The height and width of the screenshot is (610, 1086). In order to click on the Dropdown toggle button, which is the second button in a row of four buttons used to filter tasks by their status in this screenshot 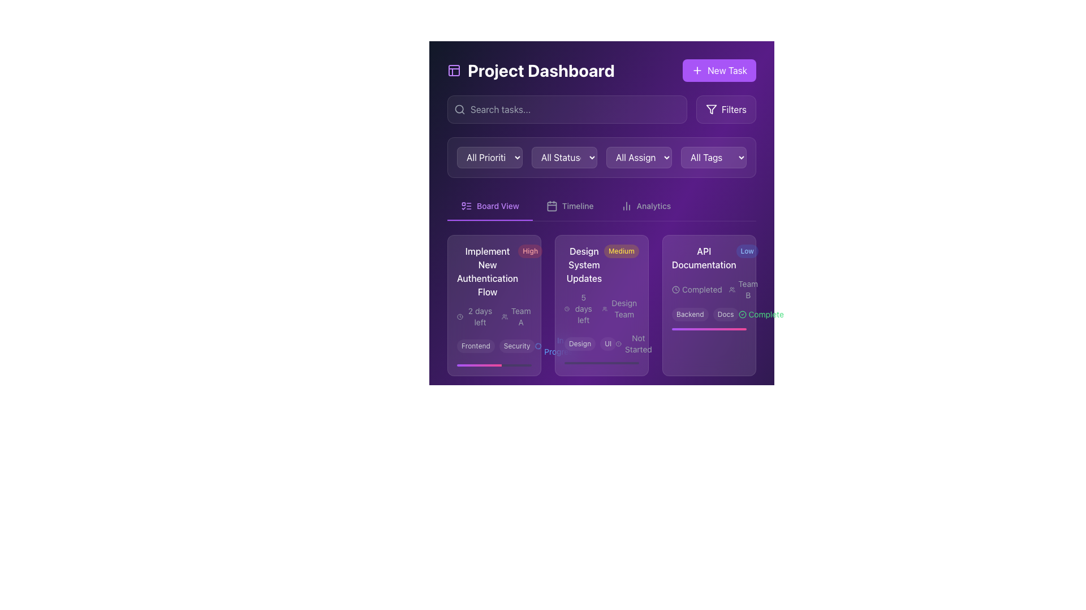, I will do `click(564, 157)`.